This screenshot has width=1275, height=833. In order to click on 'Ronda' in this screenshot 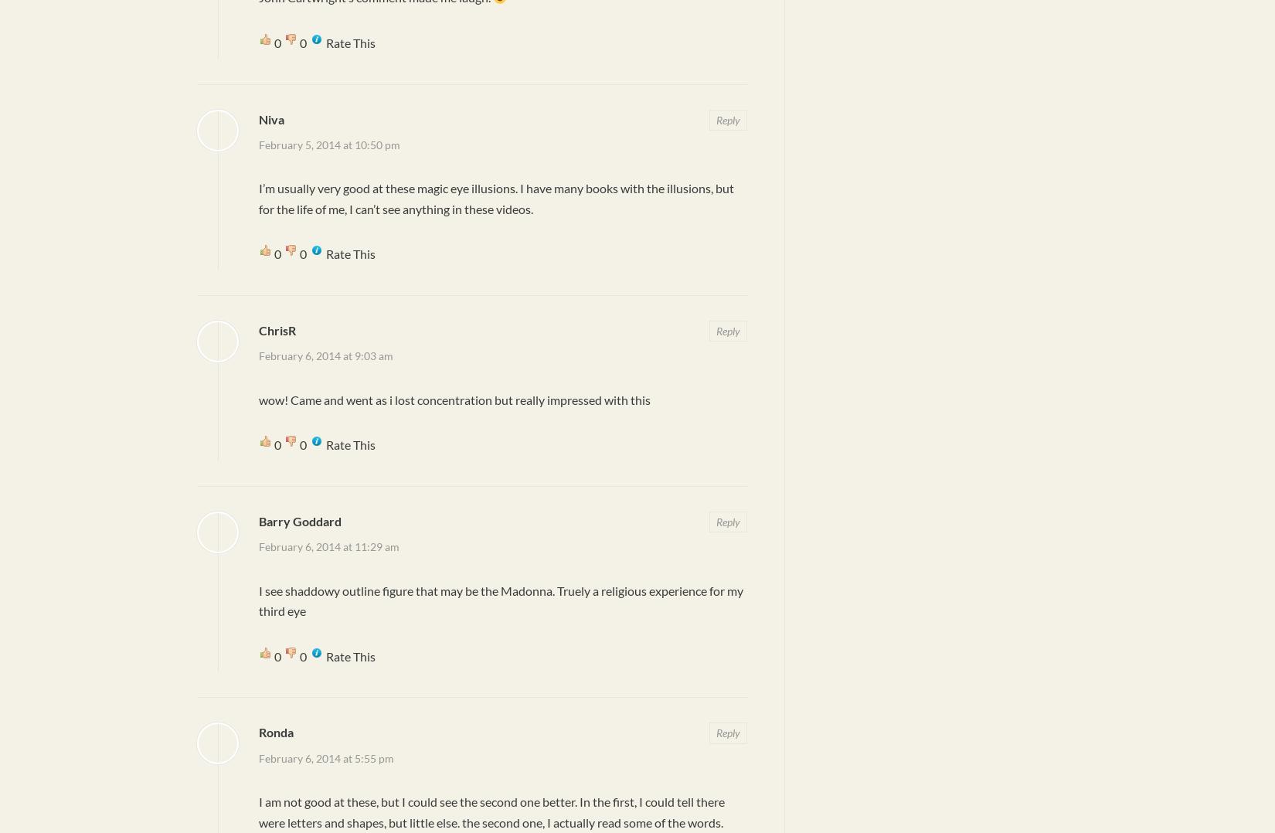, I will do `click(276, 731)`.